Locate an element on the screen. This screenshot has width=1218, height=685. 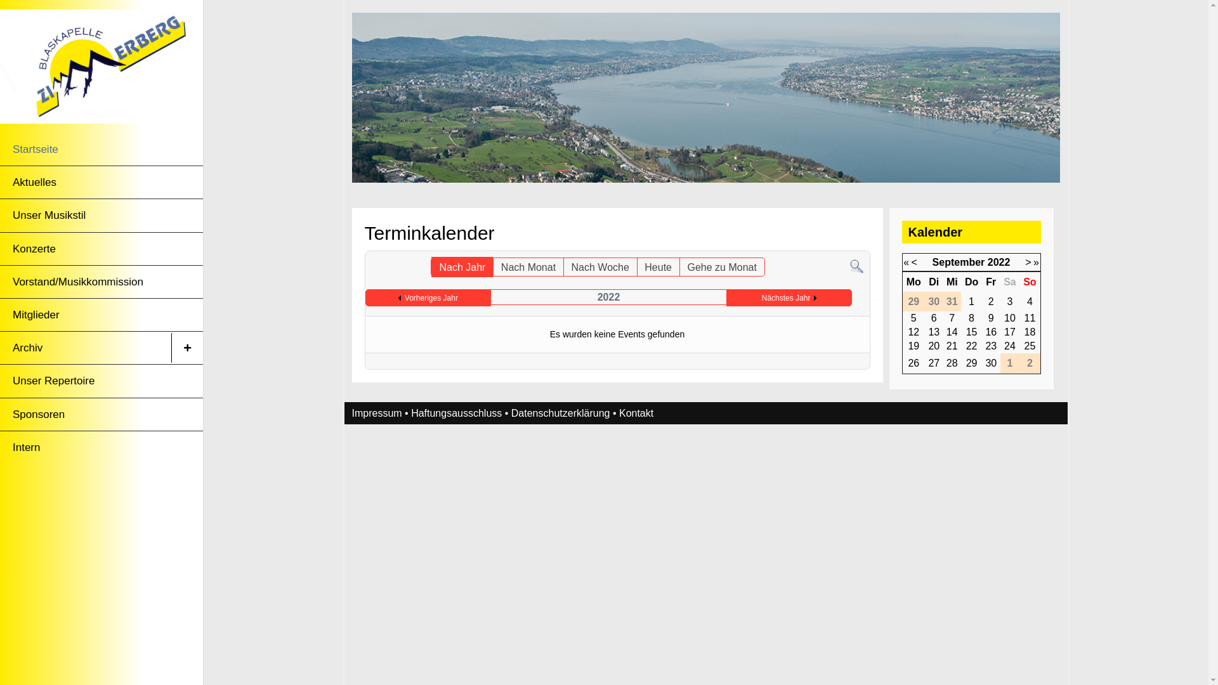
'5' is located at coordinates (913, 317).